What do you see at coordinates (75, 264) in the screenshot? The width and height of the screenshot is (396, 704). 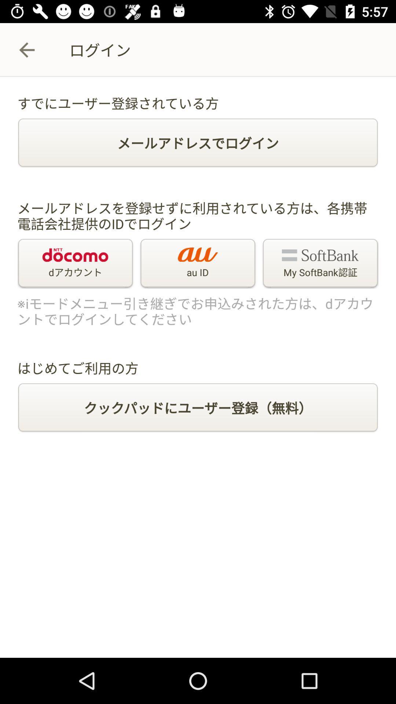 I see `icon next to au id item` at bounding box center [75, 264].